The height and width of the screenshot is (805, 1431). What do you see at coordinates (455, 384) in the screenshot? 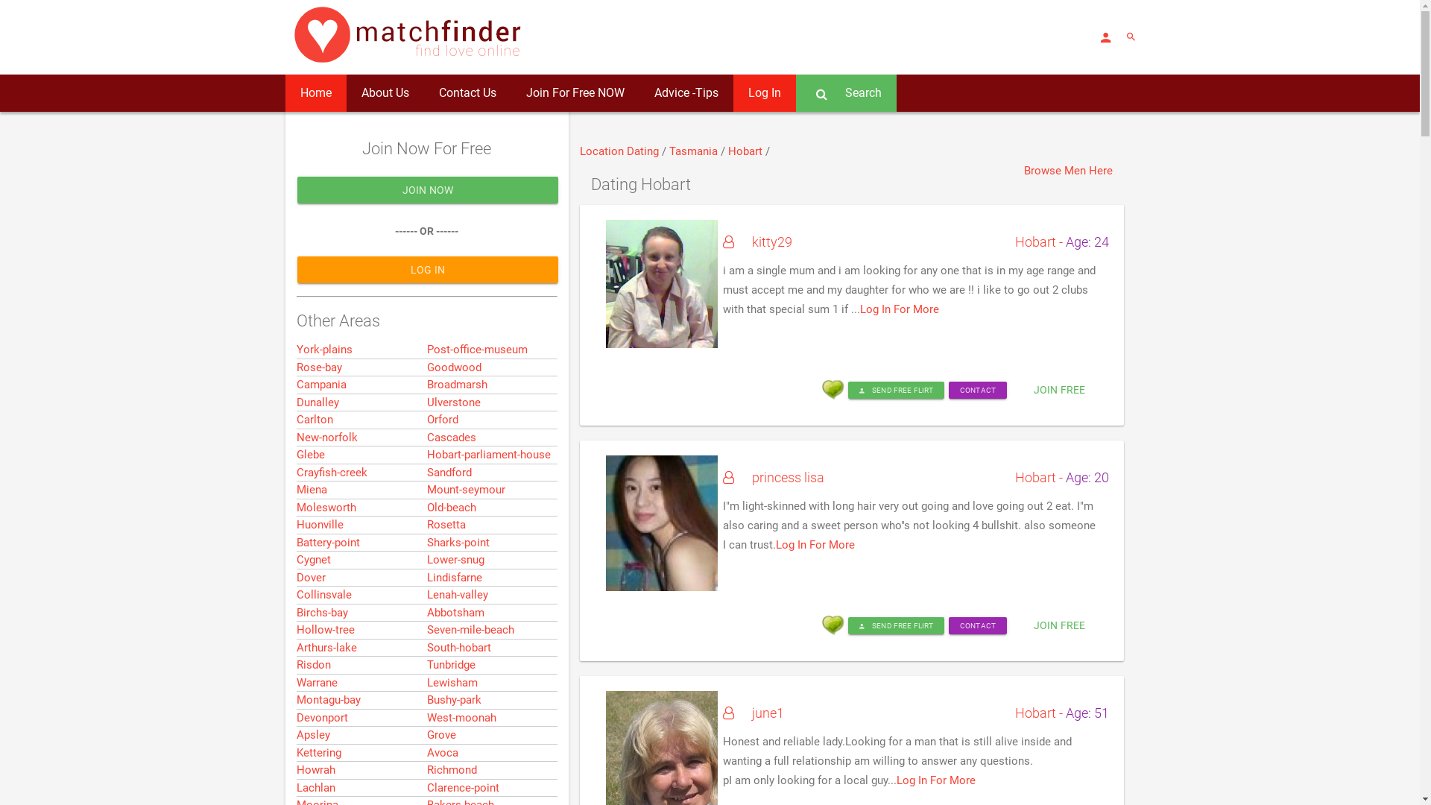
I see `'Broadmarsh'` at bounding box center [455, 384].